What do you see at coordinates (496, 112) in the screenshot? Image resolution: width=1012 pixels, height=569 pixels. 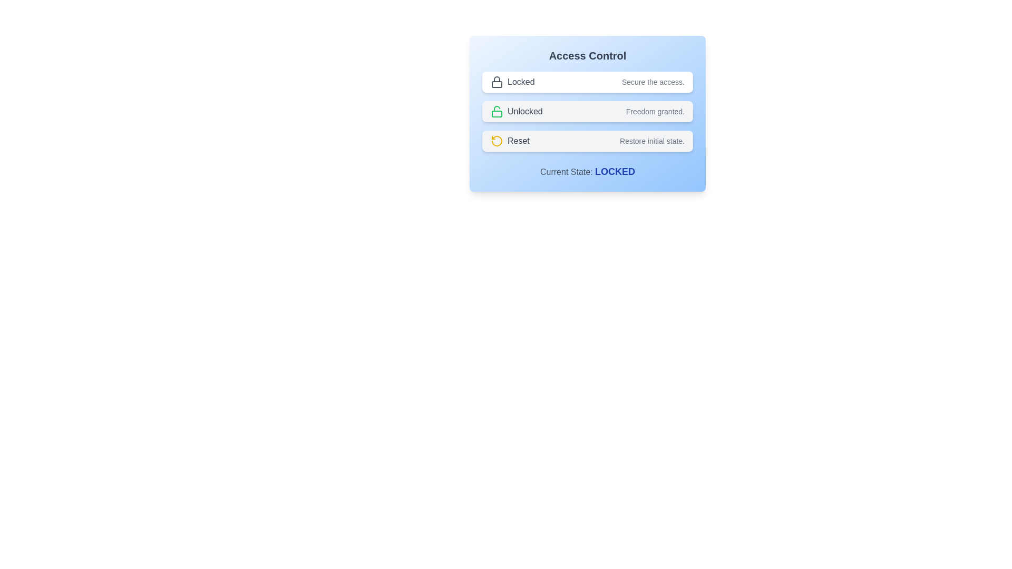 I see `the icon to change the state to unlocked` at bounding box center [496, 112].